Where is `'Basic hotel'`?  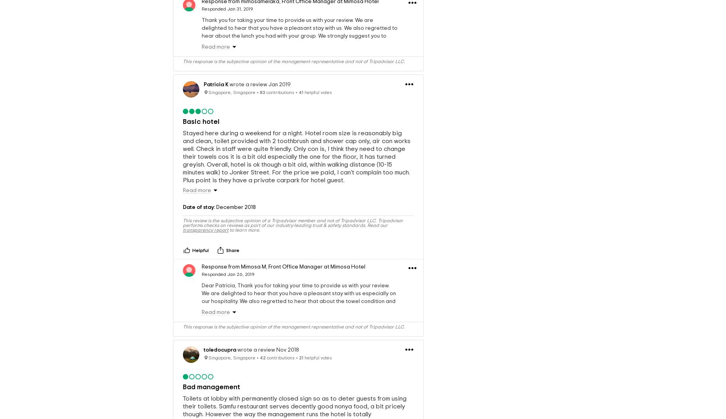 'Basic hotel' is located at coordinates (201, 121).